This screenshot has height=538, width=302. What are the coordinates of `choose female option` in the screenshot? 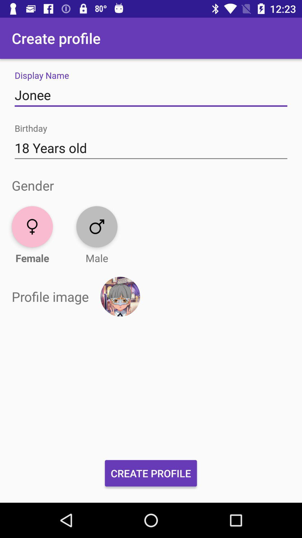 It's located at (32, 227).